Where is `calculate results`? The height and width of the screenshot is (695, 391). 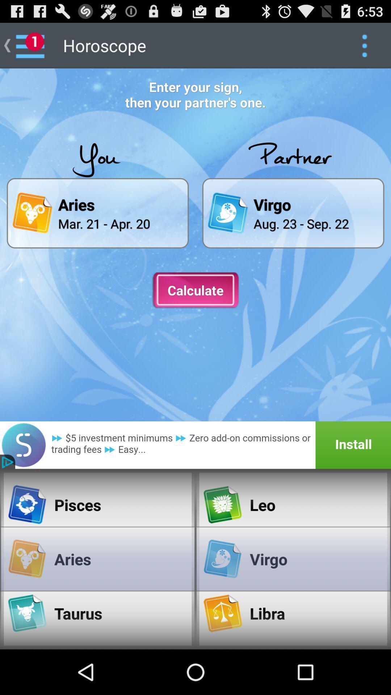 calculate results is located at coordinates (195, 290).